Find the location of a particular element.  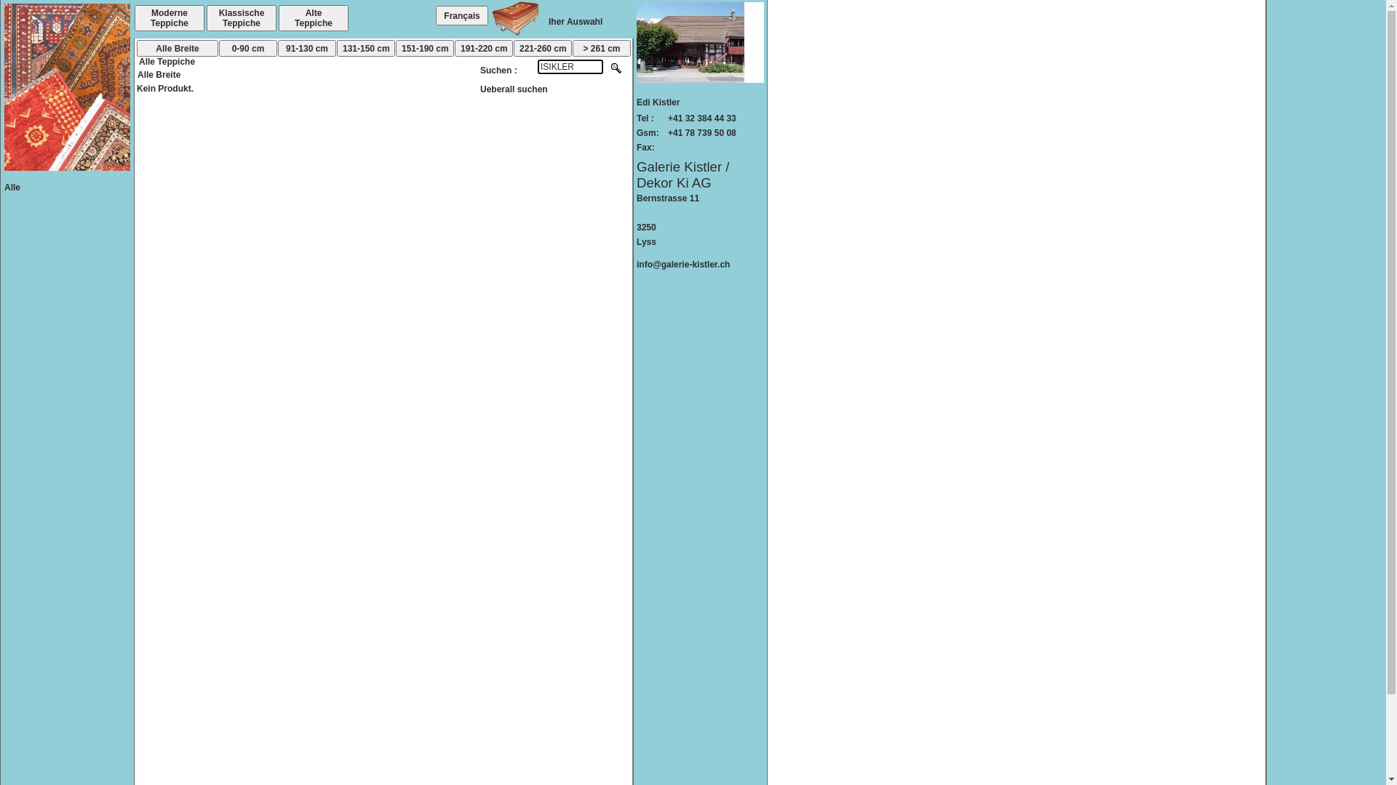

'> 261 cm' is located at coordinates (572, 47).